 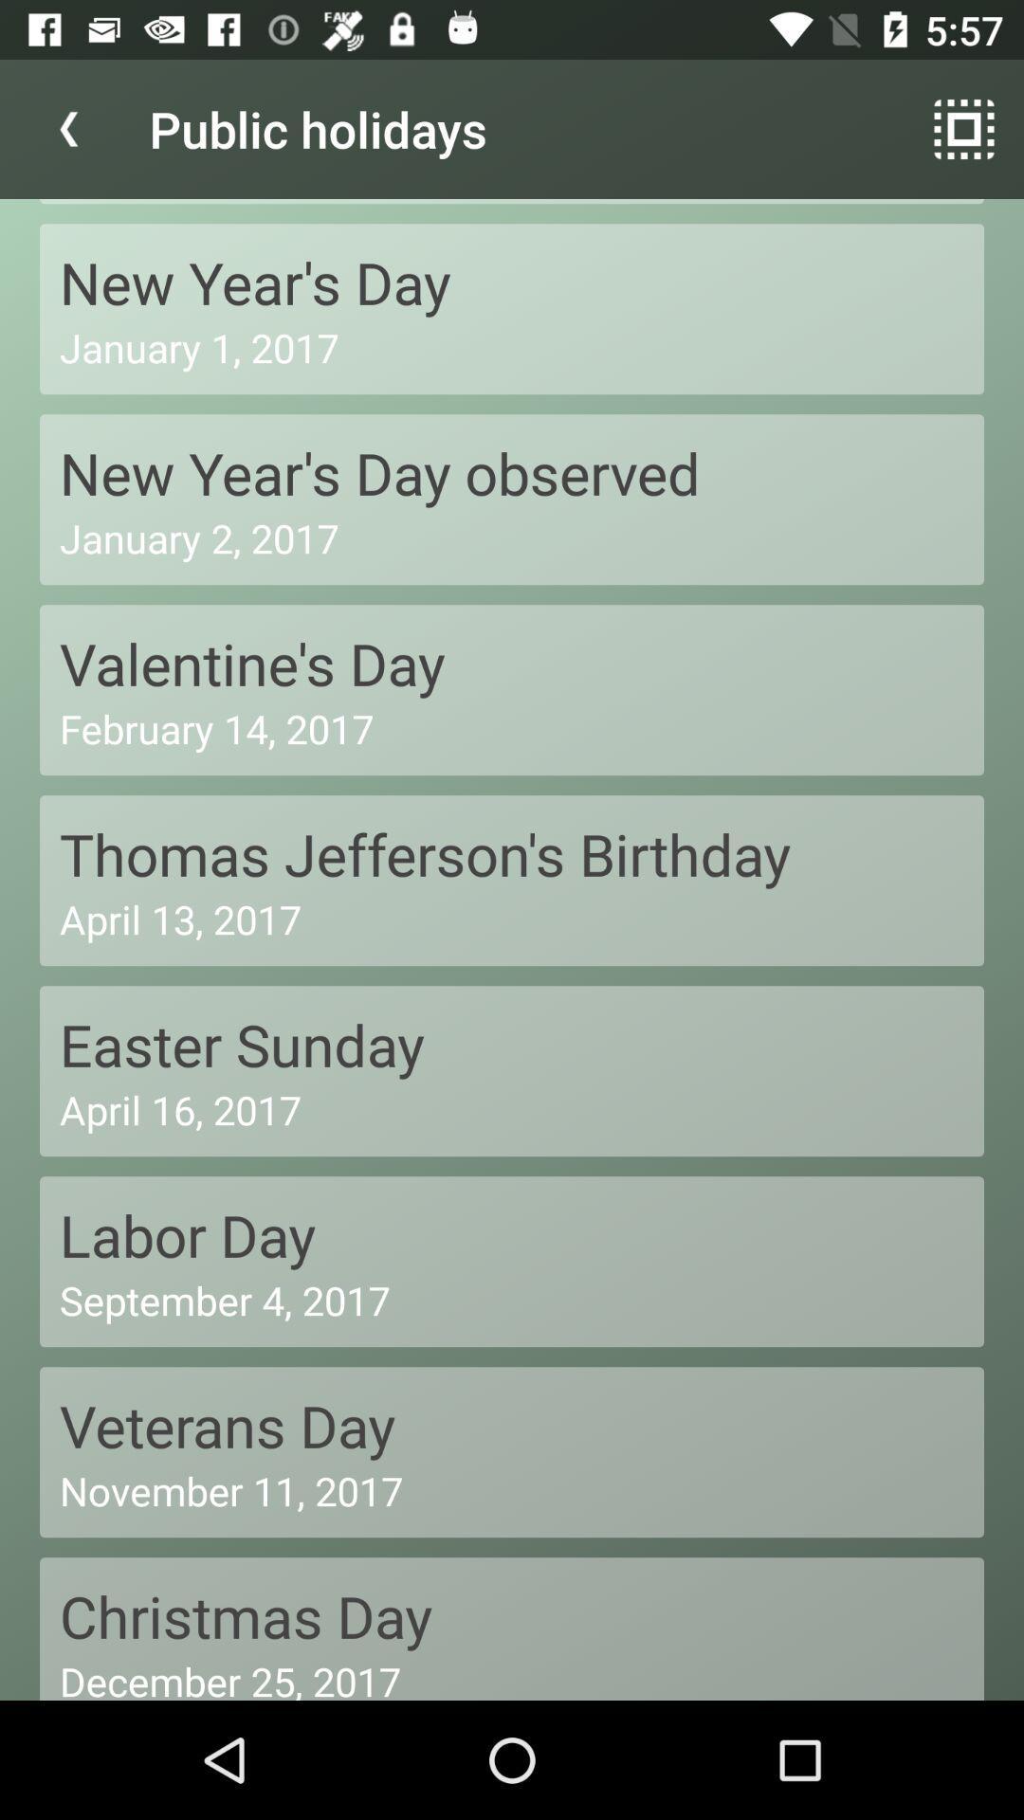 What do you see at coordinates (68, 128) in the screenshot?
I see `icon next to the public holidays app` at bounding box center [68, 128].